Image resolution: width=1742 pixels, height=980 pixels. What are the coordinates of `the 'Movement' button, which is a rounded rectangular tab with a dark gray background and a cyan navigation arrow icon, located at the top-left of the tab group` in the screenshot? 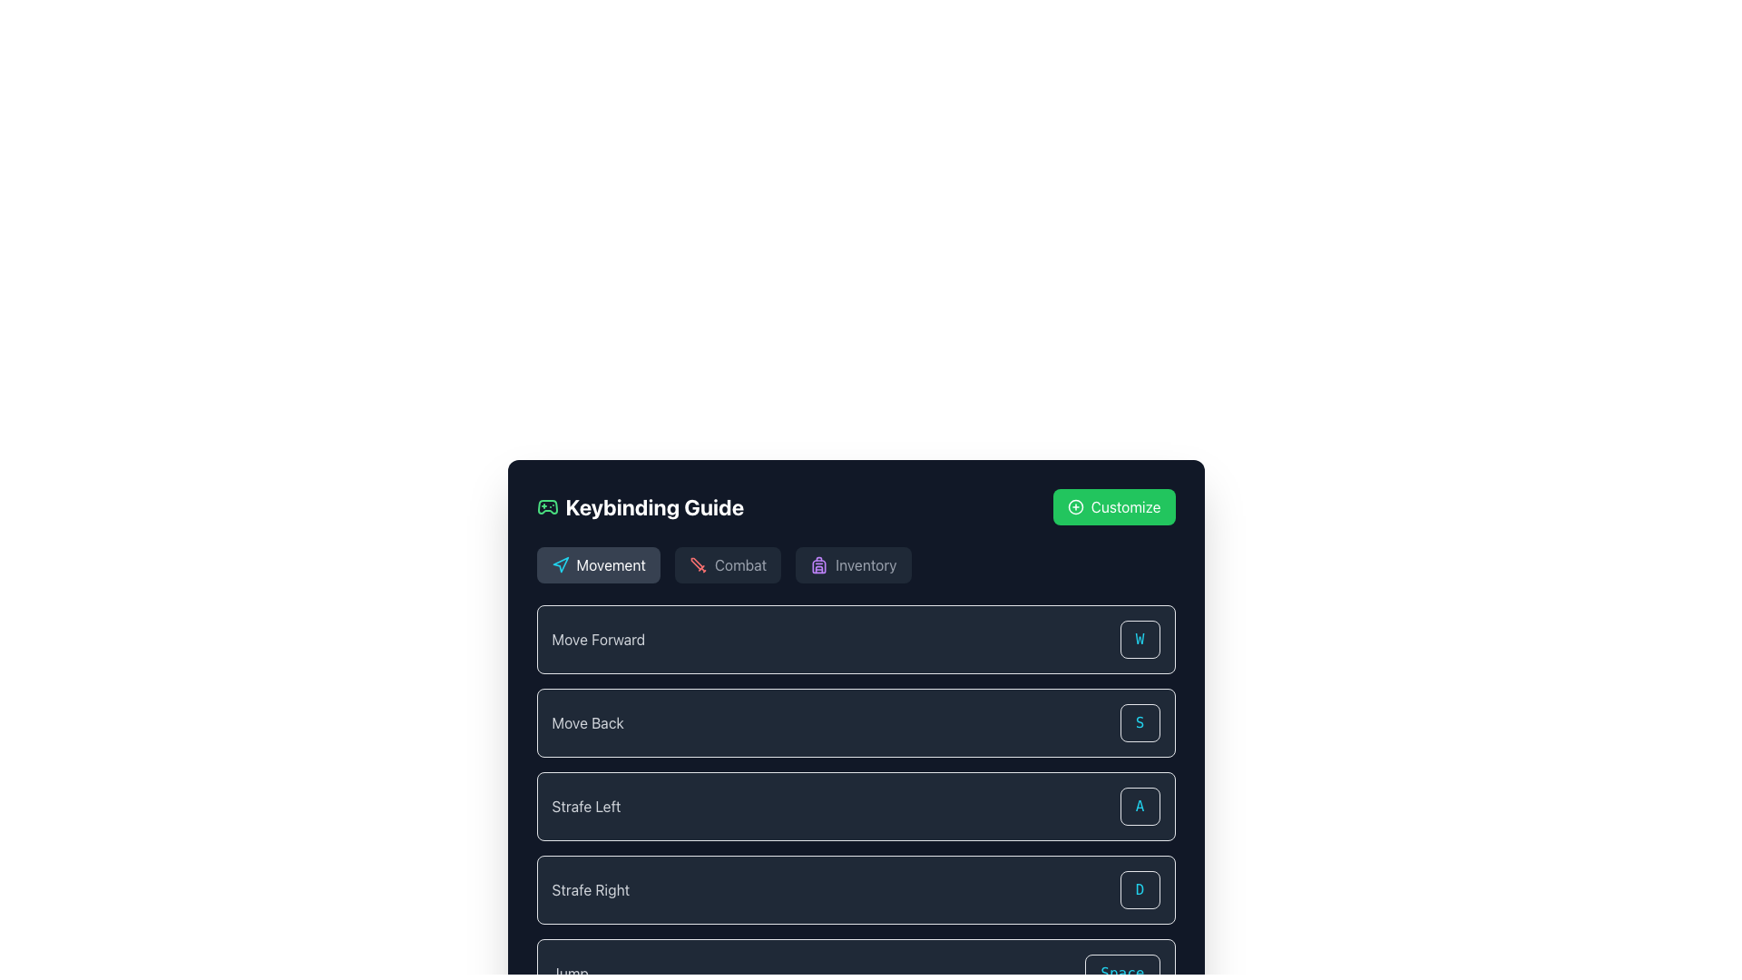 It's located at (598, 564).